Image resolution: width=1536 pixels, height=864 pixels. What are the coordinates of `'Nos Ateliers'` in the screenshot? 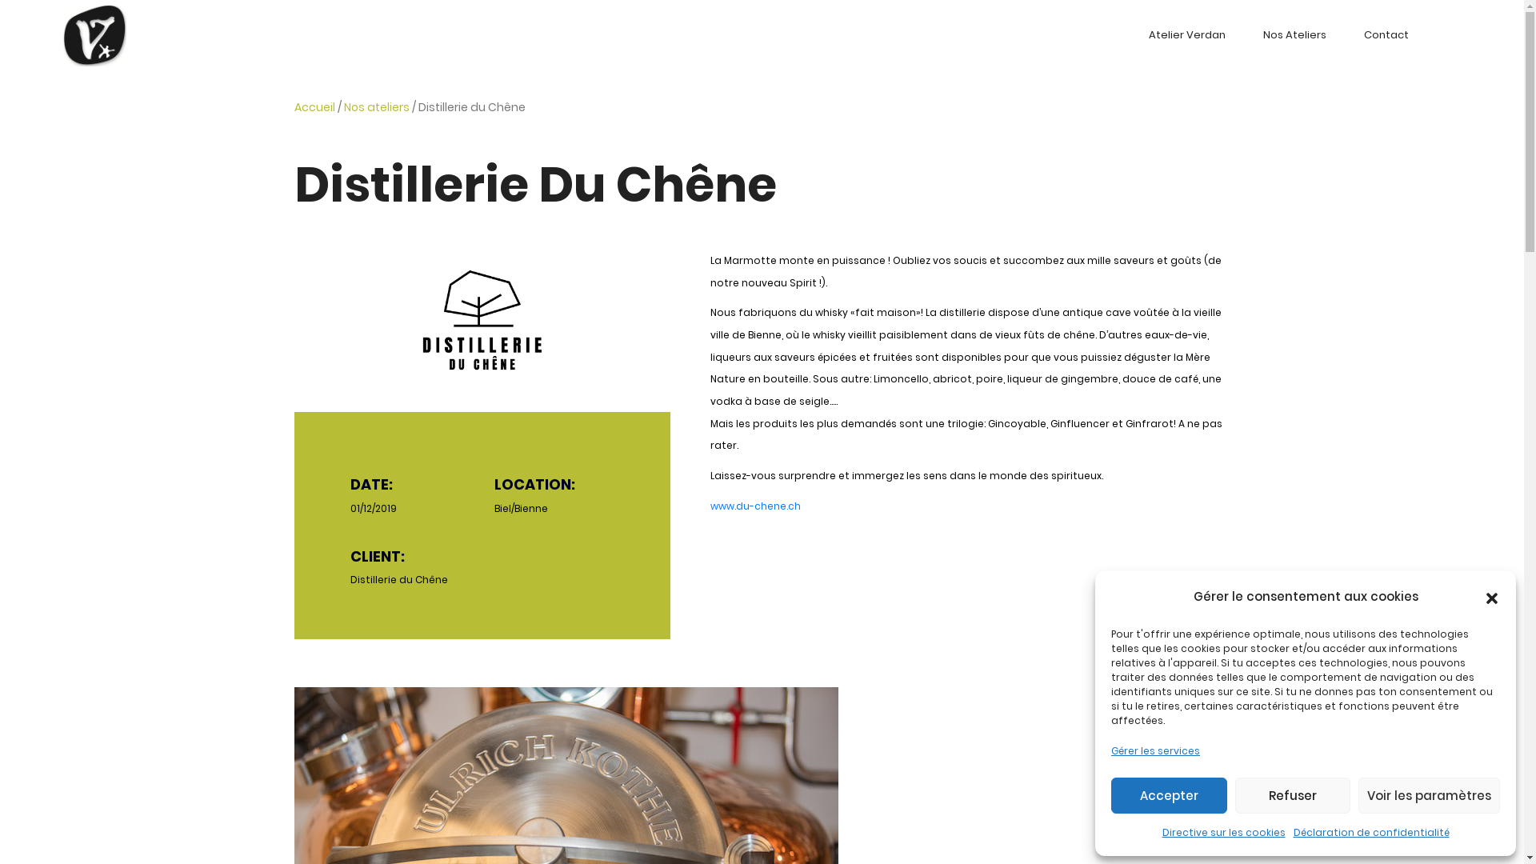 It's located at (1294, 34).